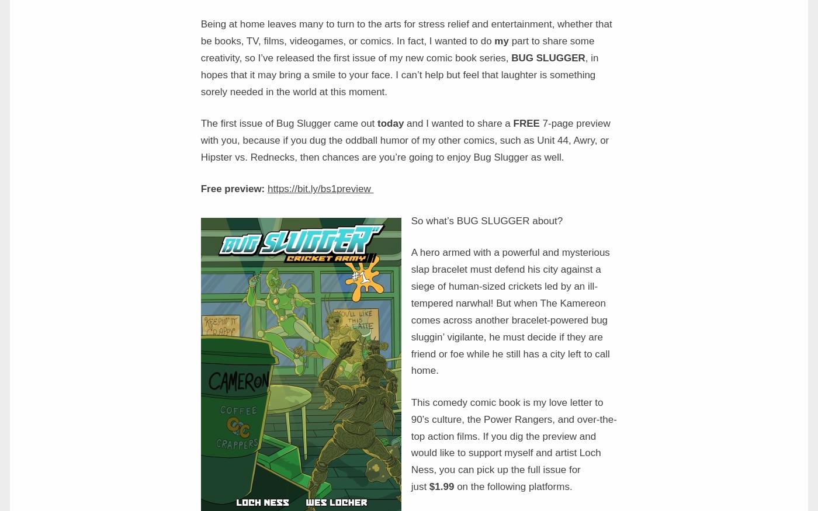 The height and width of the screenshot is (511, 818). What do you see at coordinates (397, 49) in the screenshot?
I see `'part to share some creativity, so I’ve released the first issue of my new comic book series,'` at bounding box center [397, 49].